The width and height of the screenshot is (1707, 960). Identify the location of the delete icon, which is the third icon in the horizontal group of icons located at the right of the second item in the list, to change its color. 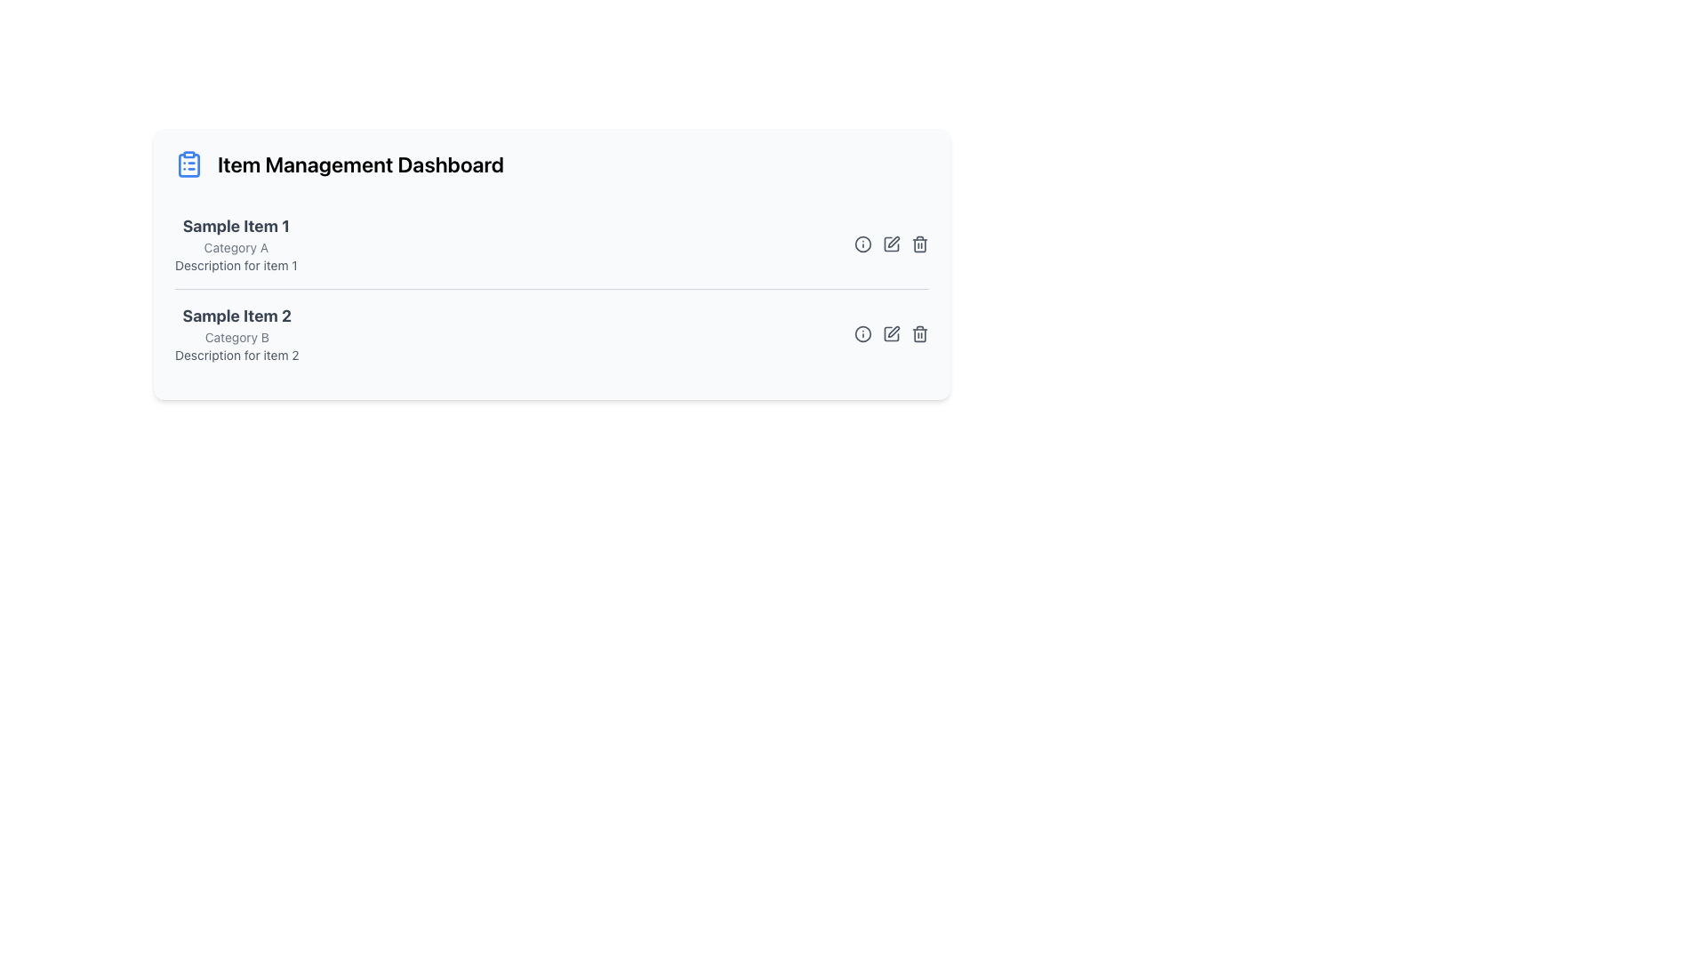
(920, 333).